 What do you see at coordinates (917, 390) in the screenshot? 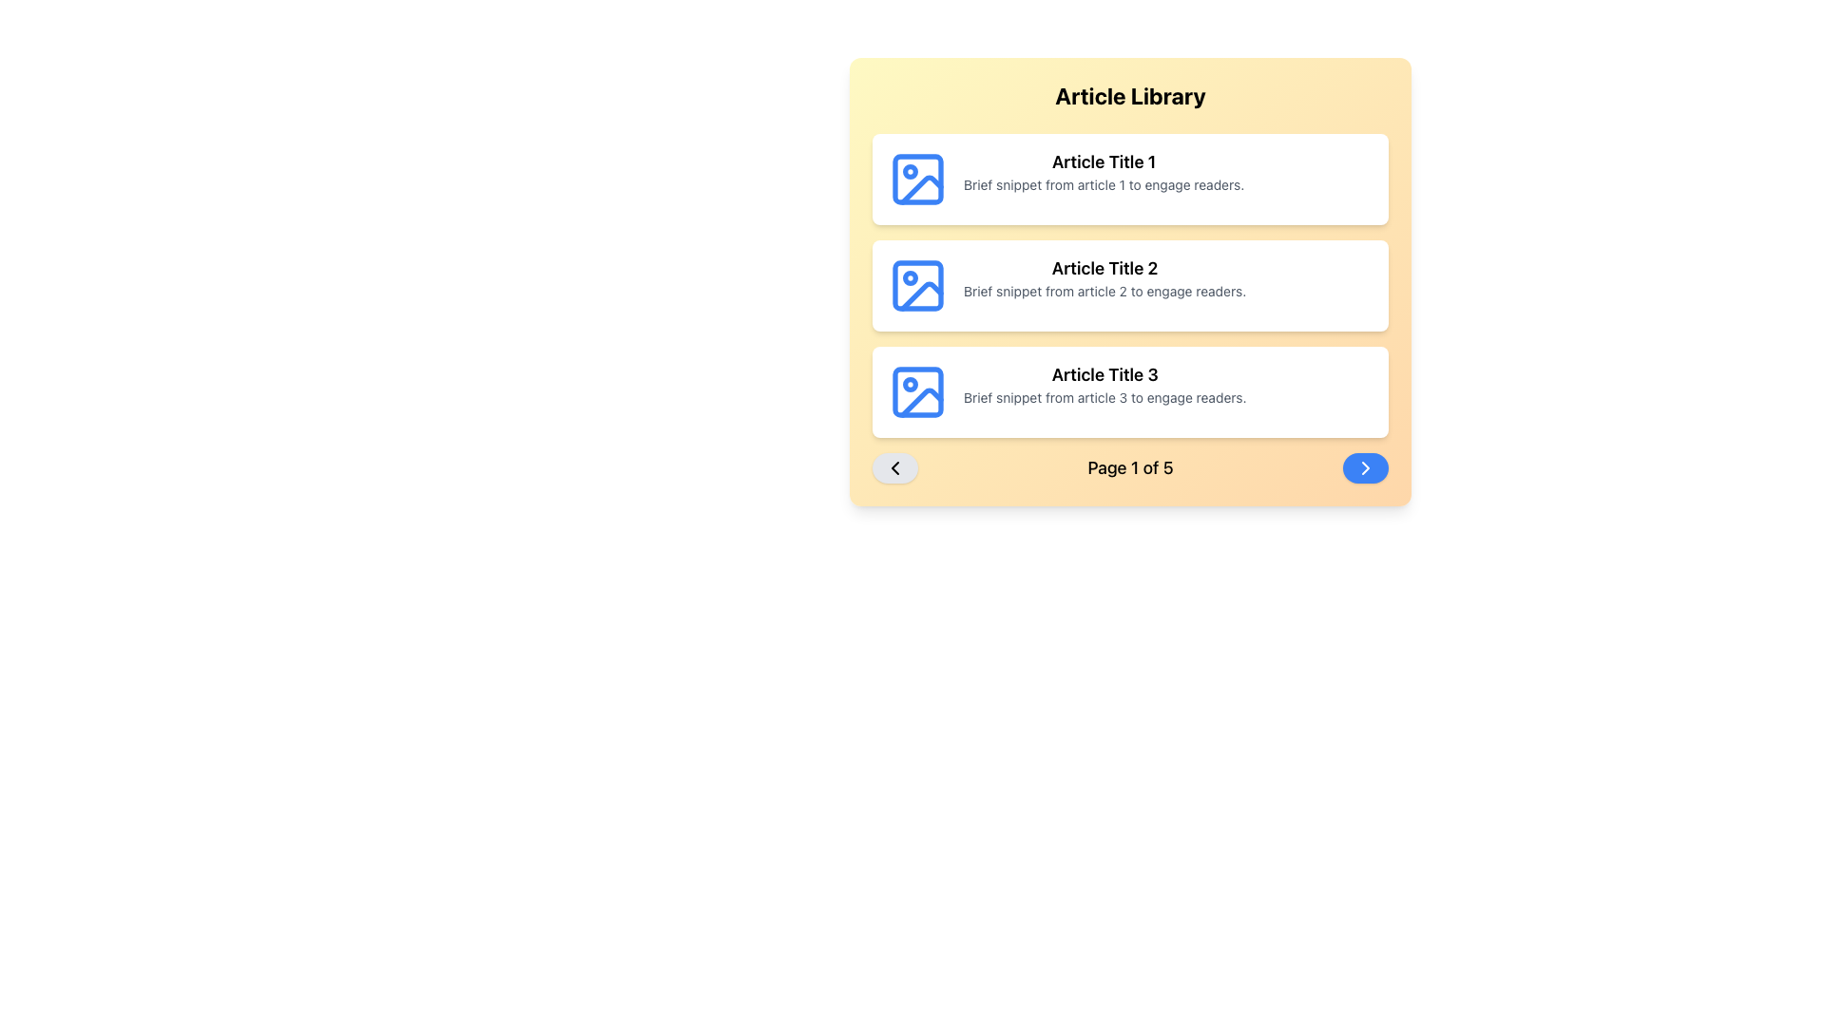
I see `the small rounded rectangle decorative element located in the top-left area of the blue image icon within the third list item on the interface` at bounding box center [917, 390].